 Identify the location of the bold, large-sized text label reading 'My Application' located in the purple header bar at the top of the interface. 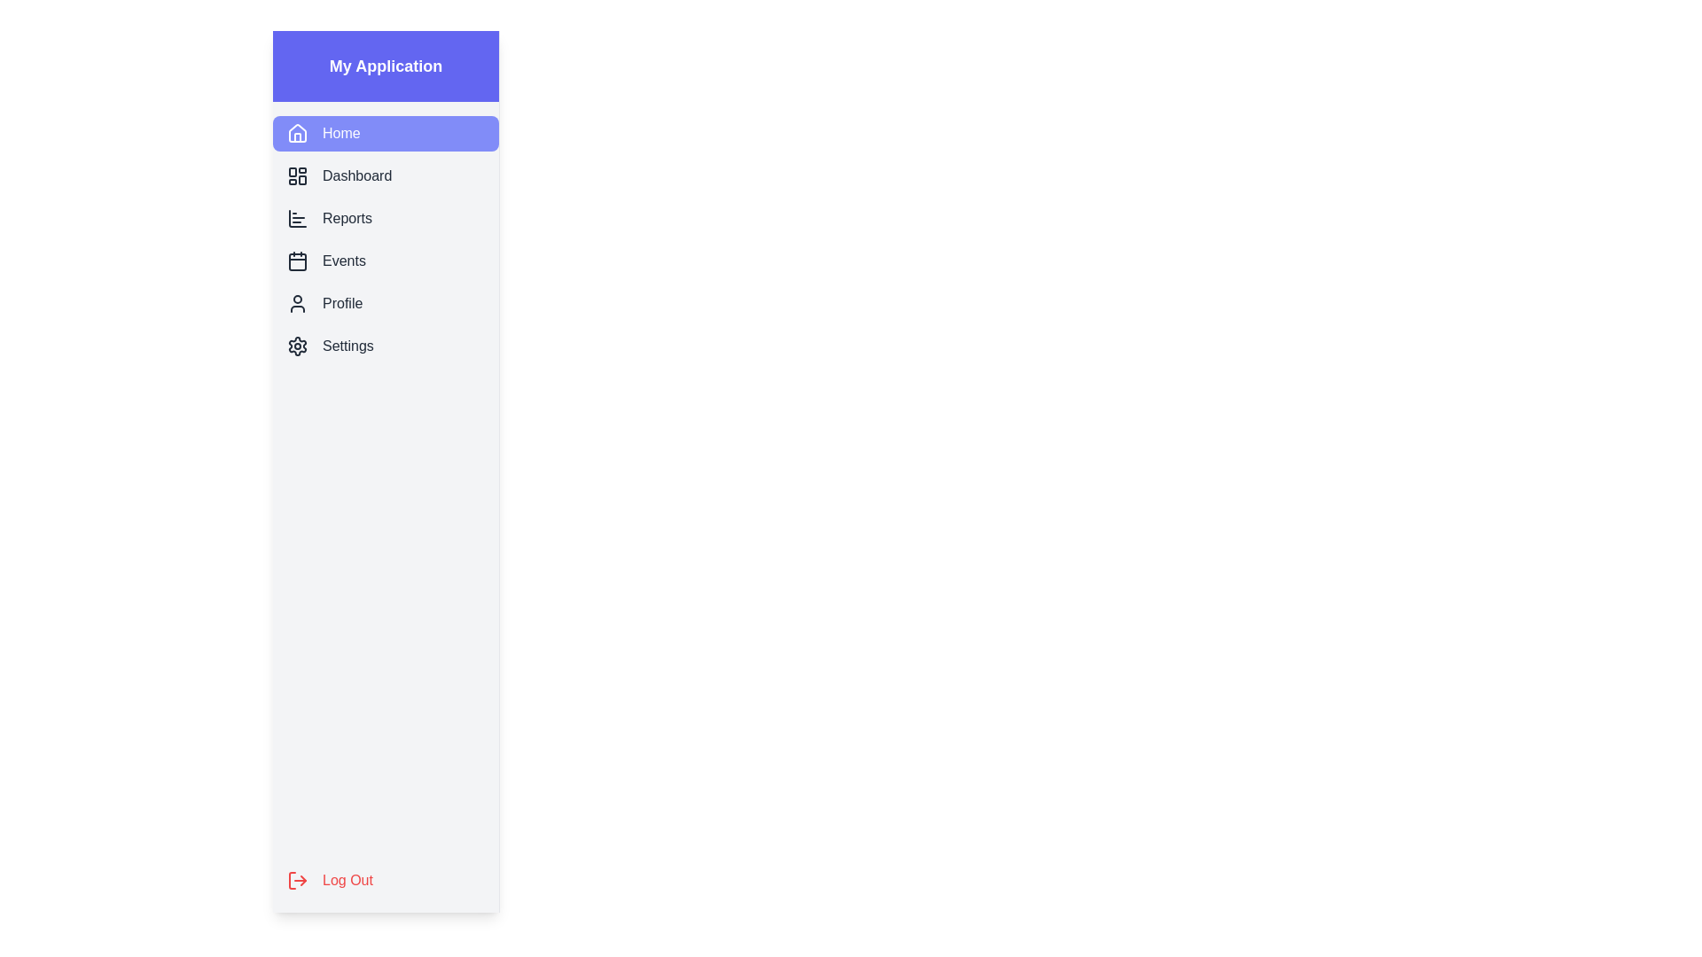
(385, 65).